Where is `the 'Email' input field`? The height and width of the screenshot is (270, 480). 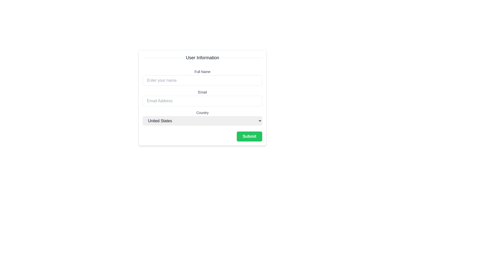 the 'Email' input field is located at coordinates (202, 98).